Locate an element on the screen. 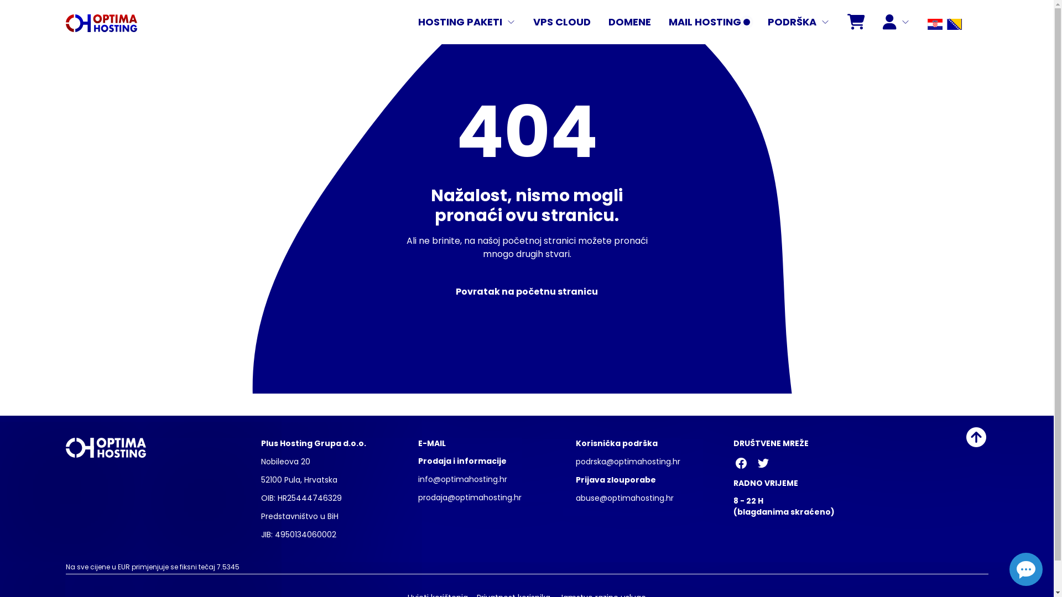 The height and width of the screenshot is (597, 1062). 'info@optimahosting.hr' is located at coordinates (462, 479).